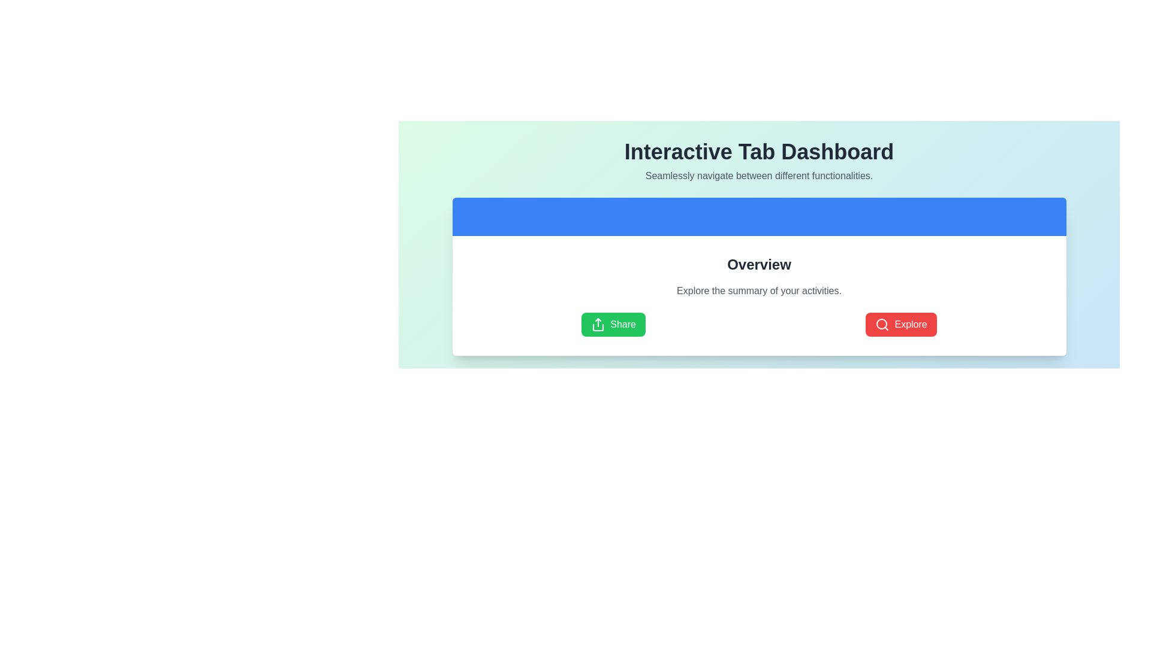 The height and width of the screenshot is (647, 1151). What do you see at coordinates (528, 217) in the screenshot?
I see `the 'Overview' tab, which is the first tab on the left among the navigation tabs at the top of the content area` at bounding box center [528, 217].